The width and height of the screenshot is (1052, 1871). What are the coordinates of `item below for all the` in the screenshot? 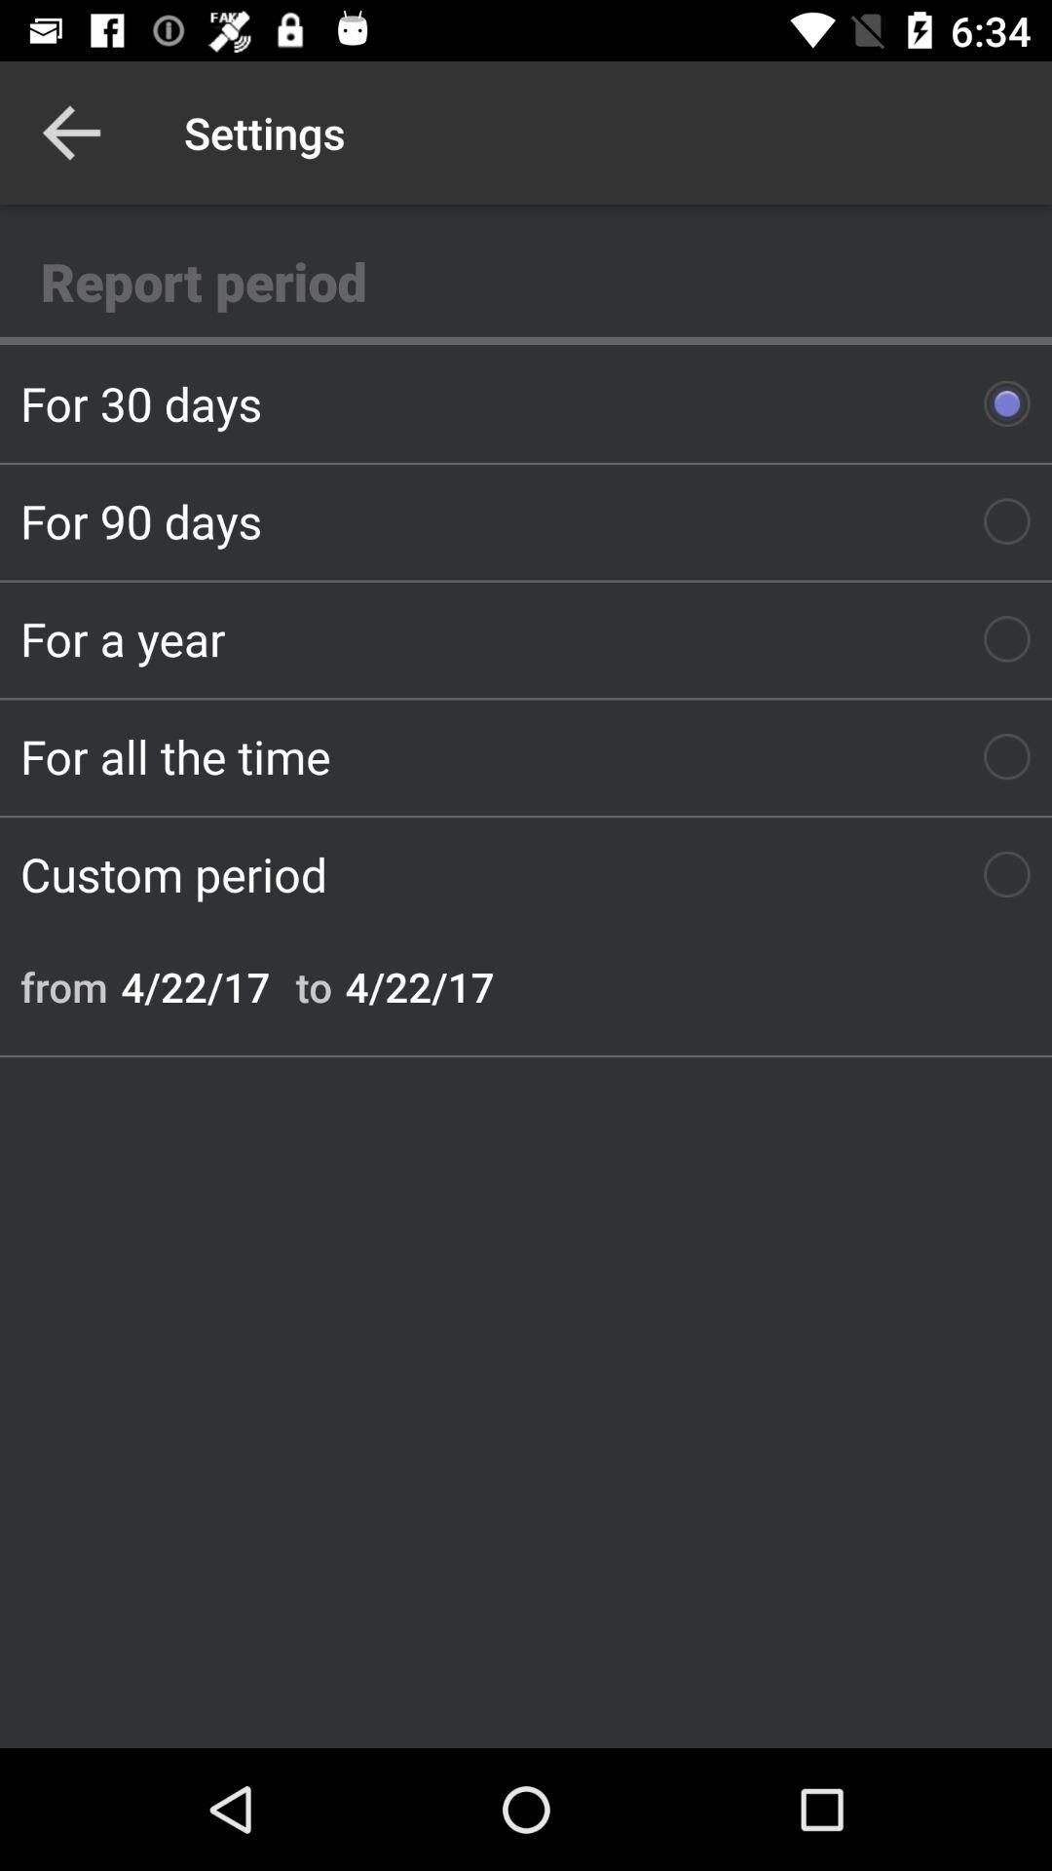 It's located at (526, 873).